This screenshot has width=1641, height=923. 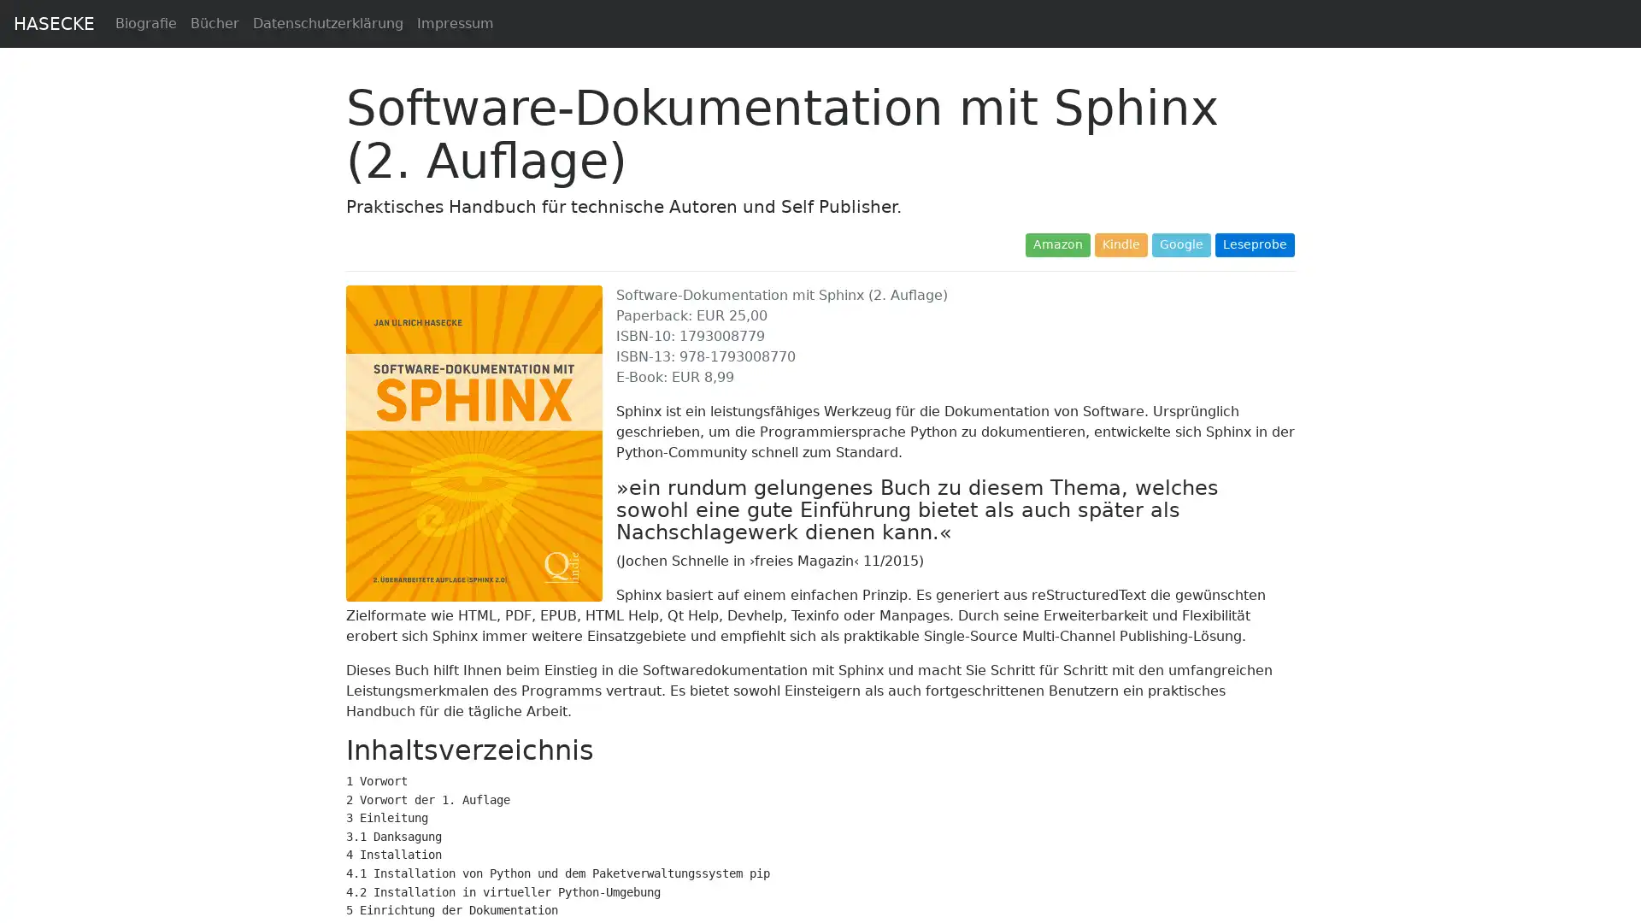 What do you see at coordinates (1255, 244) in the screenshot?
I see `Leseprobe` at bounding box center [1255, 244].